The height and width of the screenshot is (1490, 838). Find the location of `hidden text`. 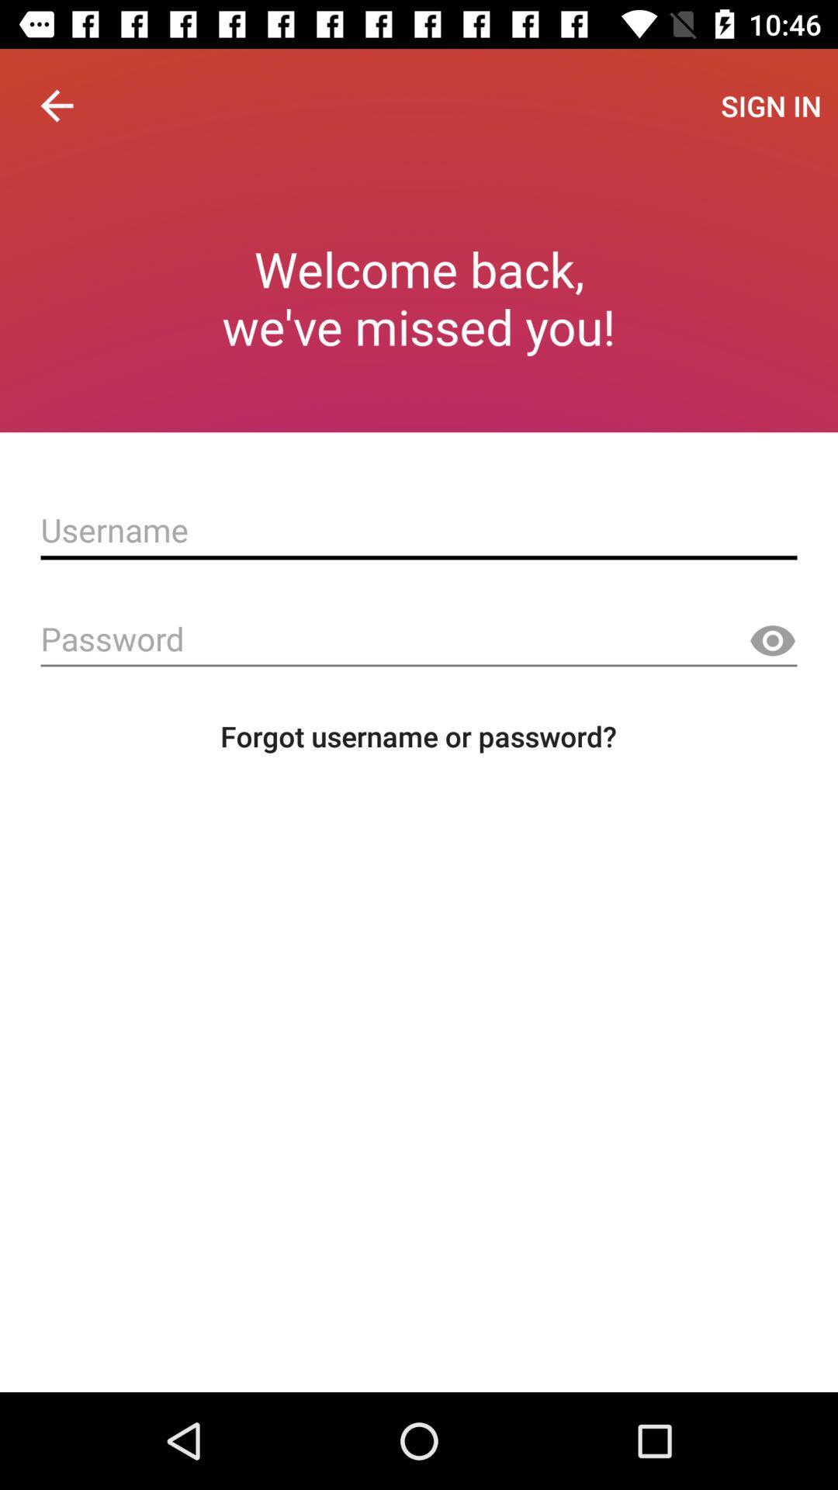

hidden text is located at coordinates (772, 641).